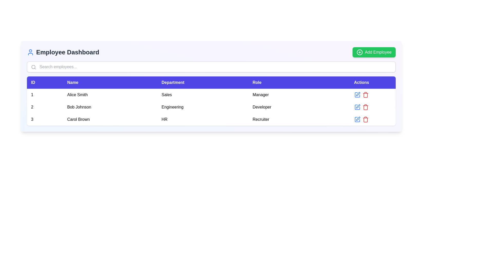  What do you see at coordinates (203, 120) in the screenshot?
I see `the Text label indicating the department affiliation of an individual in the third row of the table under the 'Department' column for accessibility` at bounding box center [203, 120].